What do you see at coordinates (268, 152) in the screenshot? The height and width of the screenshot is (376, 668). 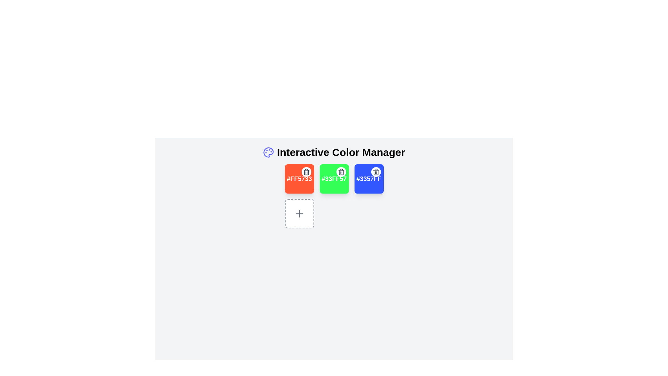 I see `the circular color palette icon located to the left of the 'Interactive Color Manager' header text` at bounding box center [268, 152].